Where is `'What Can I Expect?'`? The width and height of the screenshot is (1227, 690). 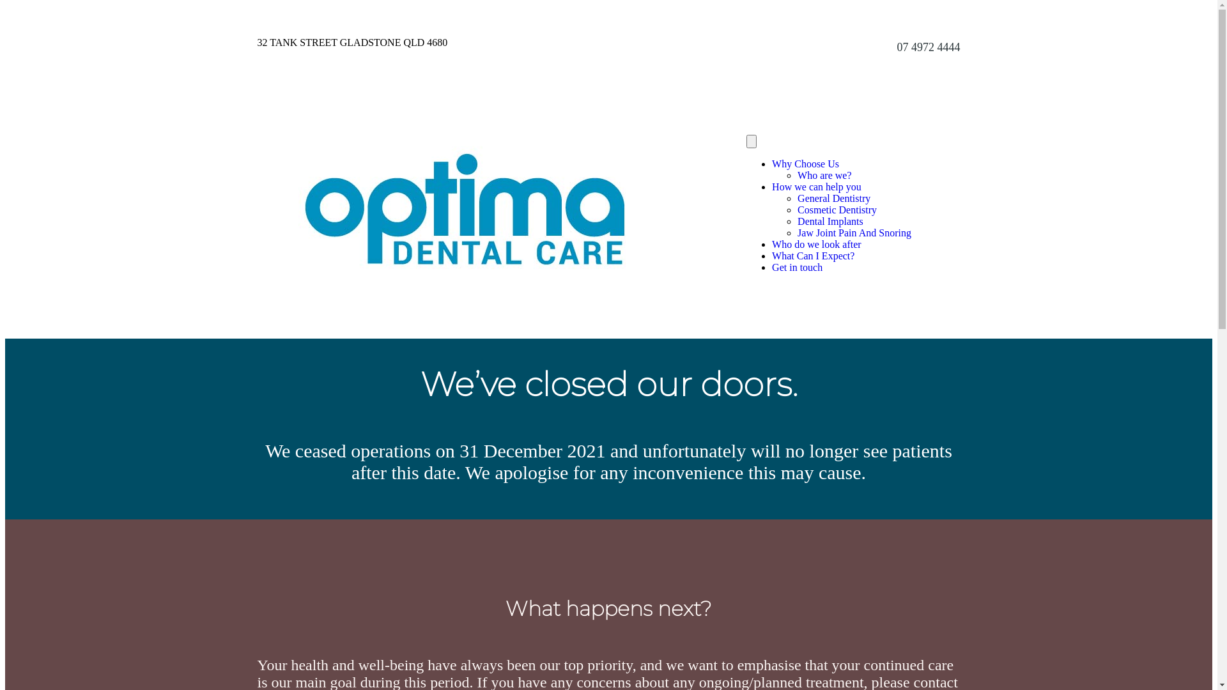 'What Can I Expect?' is located at coordinates (812, 256).